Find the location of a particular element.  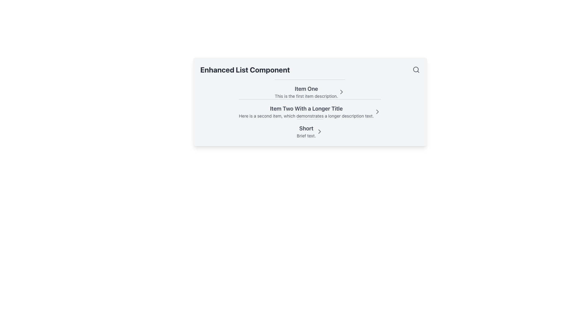

the static text label providing supplementary details about the heading 'Short' located below the heading in the item list panel is located at coordinates (306, 136).